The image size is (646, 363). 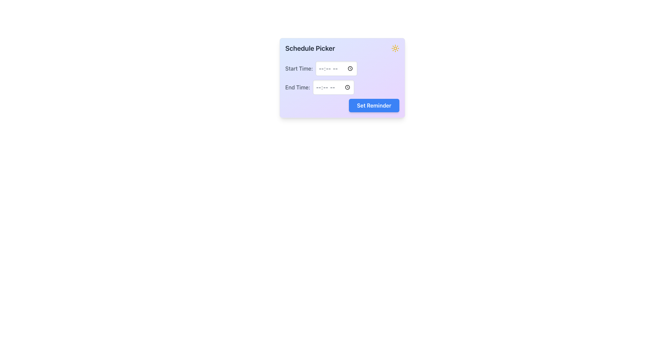 What do you see at coordinates (342, 86) in the screenshot?
I see `the time input fields within the 'Schedule Picker' panel` at bounding box center [342, 86].